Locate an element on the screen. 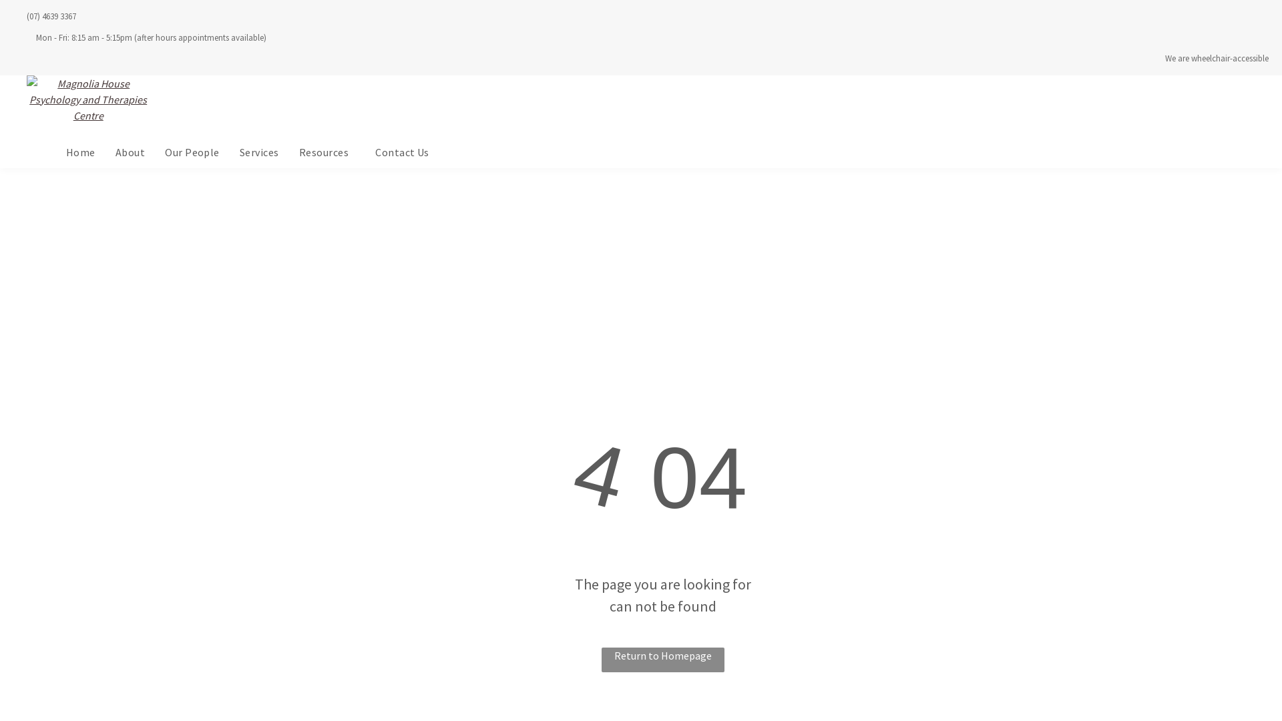 This screenshot has height=721, width=1282. 'About' is located at coordinates (130, 151).